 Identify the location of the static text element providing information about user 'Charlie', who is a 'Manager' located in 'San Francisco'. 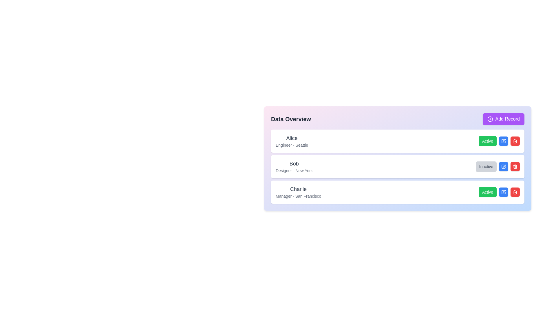
(298, 196).